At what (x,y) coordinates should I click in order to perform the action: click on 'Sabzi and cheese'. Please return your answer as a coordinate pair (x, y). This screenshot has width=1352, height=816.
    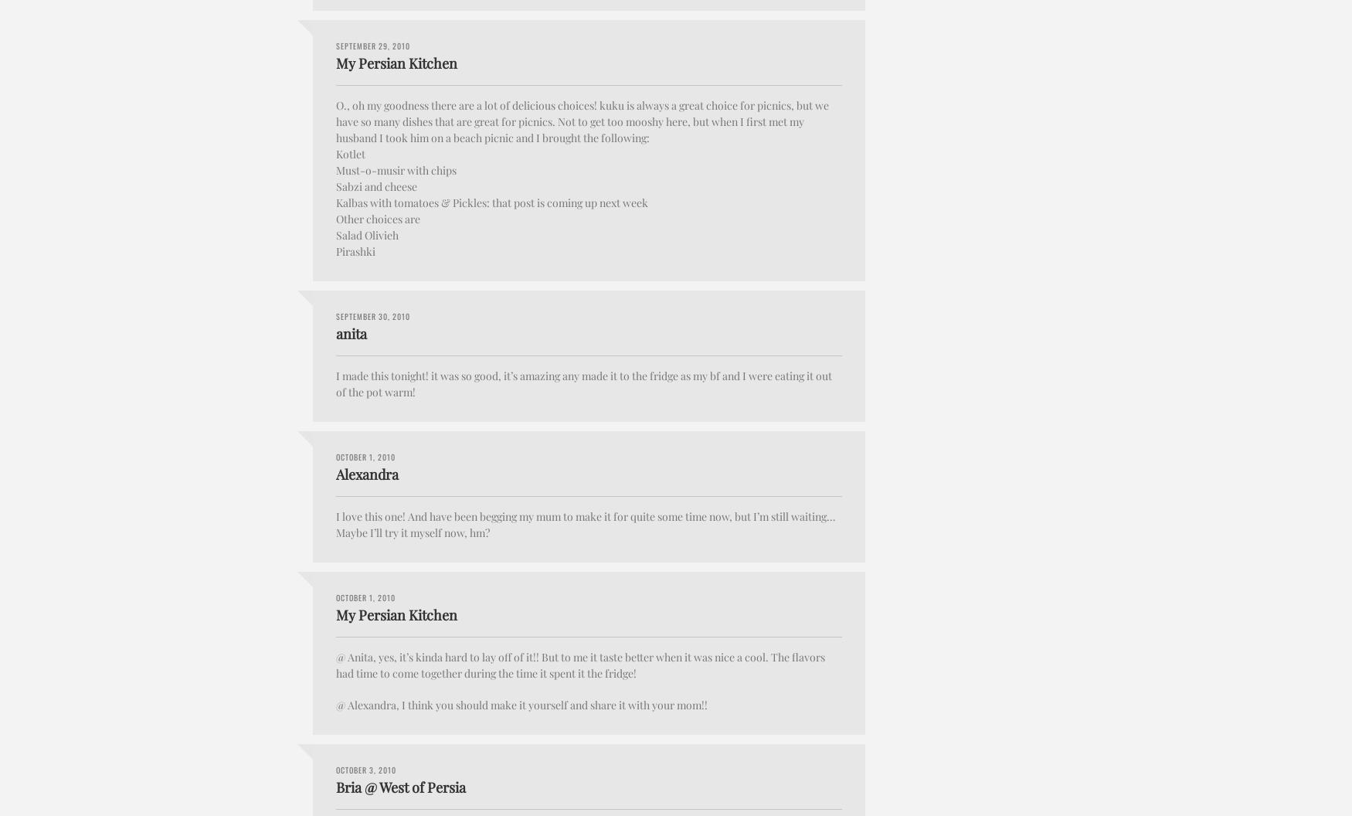
    Looking at the image, I should click on (376, 185).